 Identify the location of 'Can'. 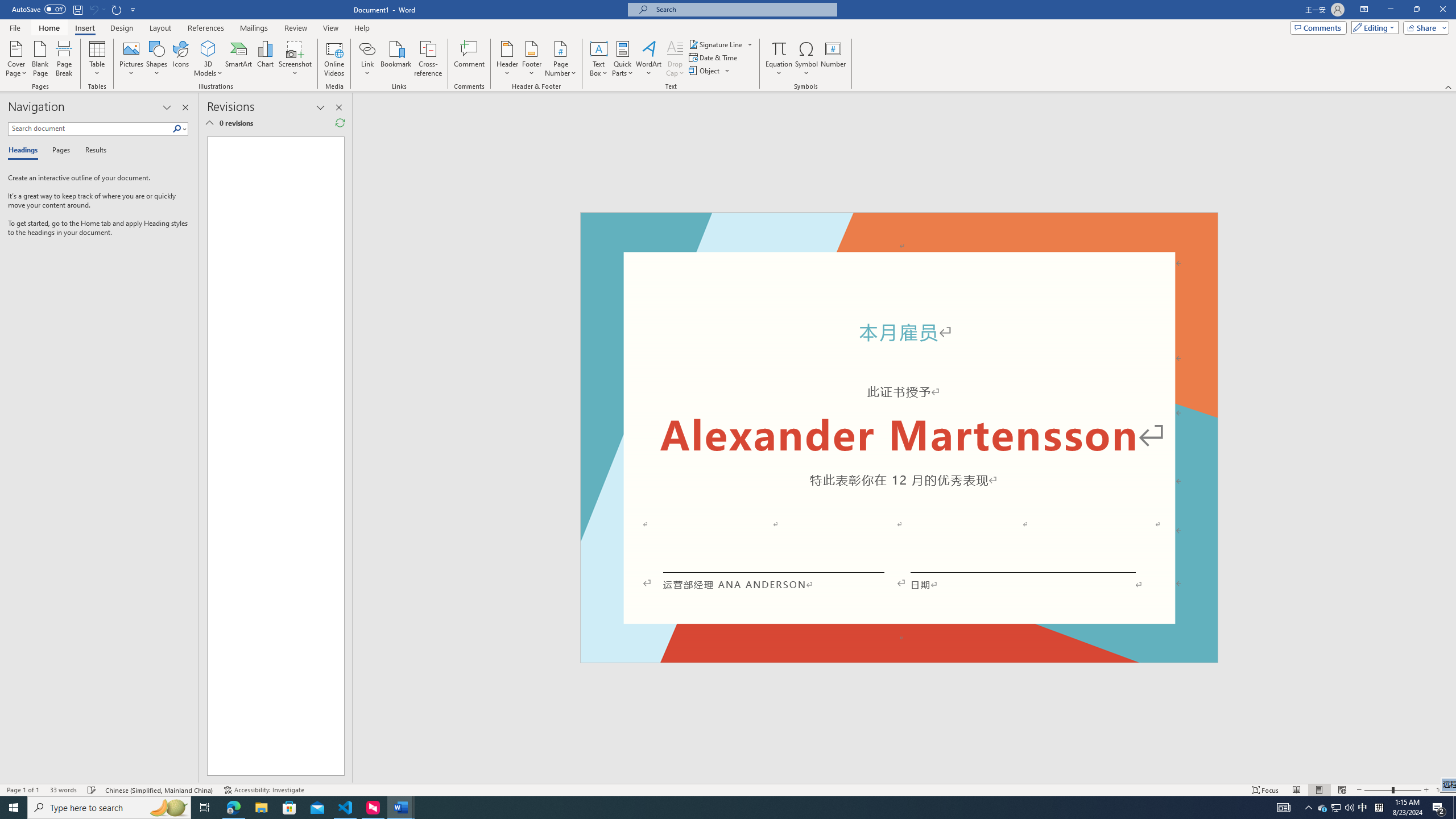
(93, 9).